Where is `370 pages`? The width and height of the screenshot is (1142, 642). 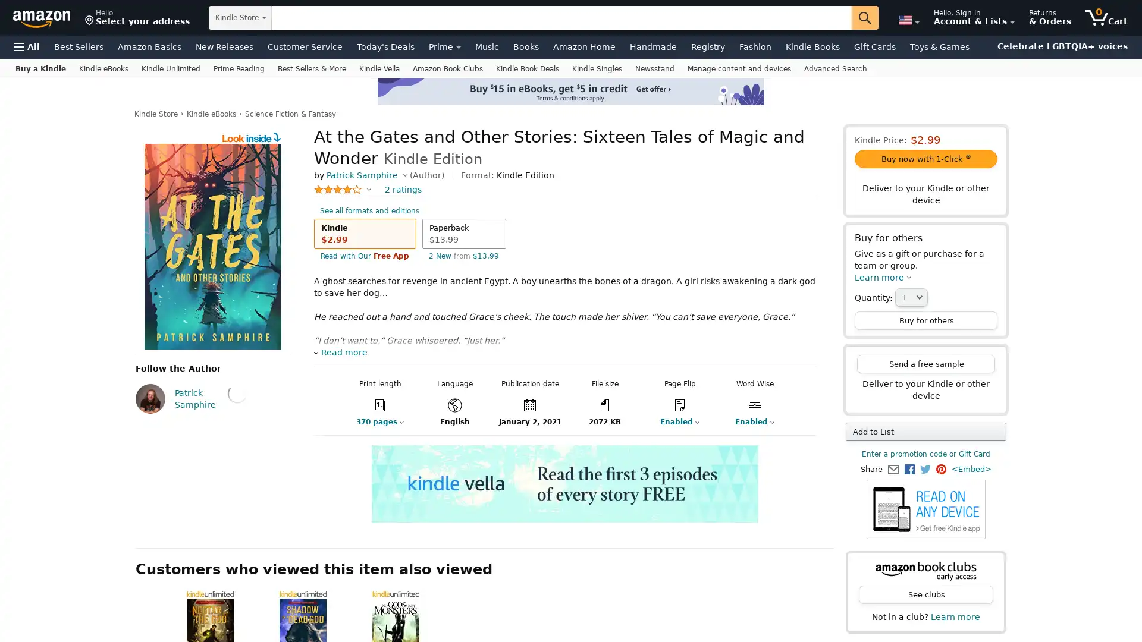
370 pages is located at coordinates (369, 421).